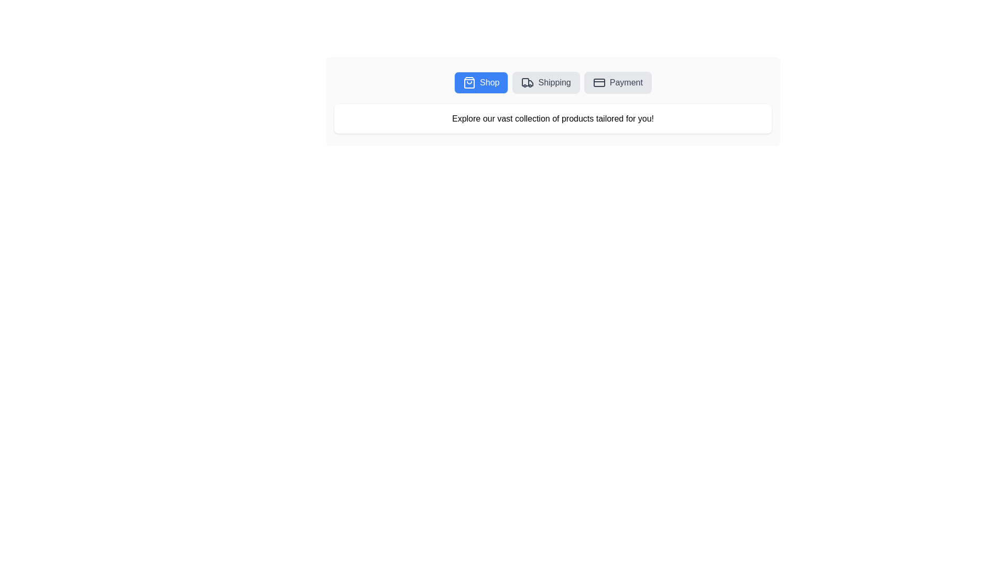  Describe the element at coordinates (480, 82) in the screenshot. I see `the 'Shop' button, which has a blue background and white text with a shopping bag icon` at that location.